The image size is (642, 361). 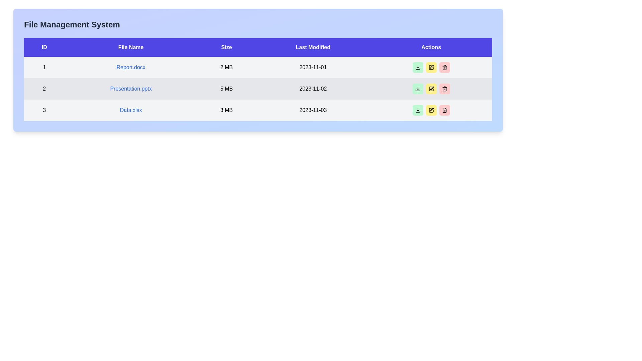 I want to click on the text label displaying the size attribute of the file entry located in the third cell of the second row under the 'Size' column, next to 'Presentation.pptx', so click(x=226, y=89).